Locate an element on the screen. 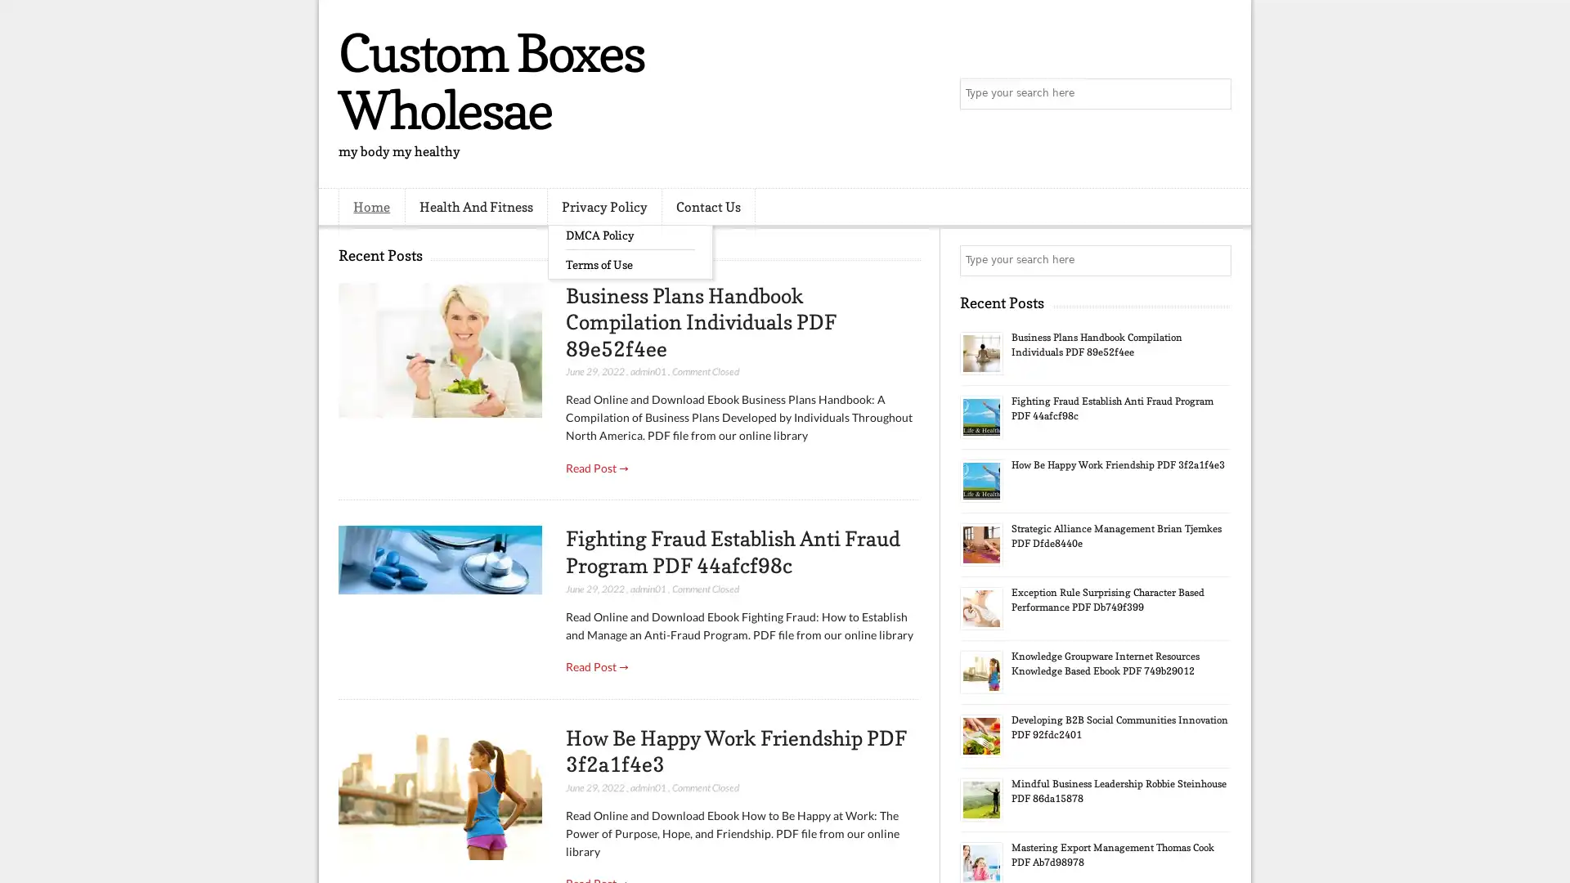 The height and width of the screenshot is (883, 1570). Search is located at coordinates (1214, 94).